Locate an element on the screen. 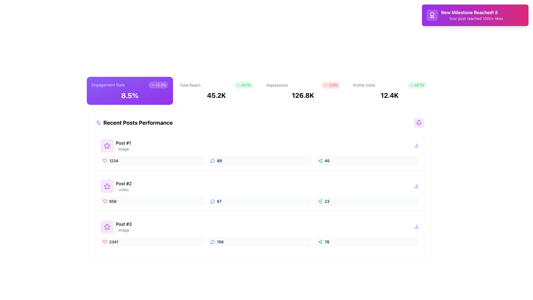 The height and width of the screenshot is (300, 533). the comment count icon that visually represents the interaction metric for the associated post in the 'Recent Posts Performance' section, located at the left end of the row is located at coordinates (212, 201).